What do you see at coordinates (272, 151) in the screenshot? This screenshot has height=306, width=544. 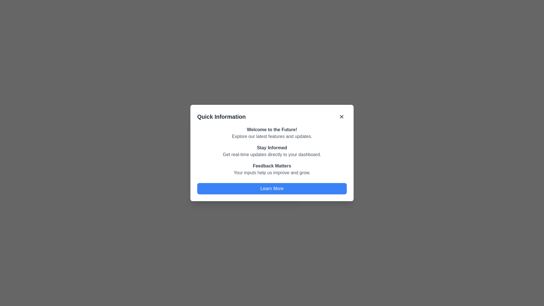 I see `the text block that says 'Stay Informed' and 'Get real-time updates directly to your dashboard', which is centrally placed in the 'Quick Information' dialog` at bounding box center [272, 151].